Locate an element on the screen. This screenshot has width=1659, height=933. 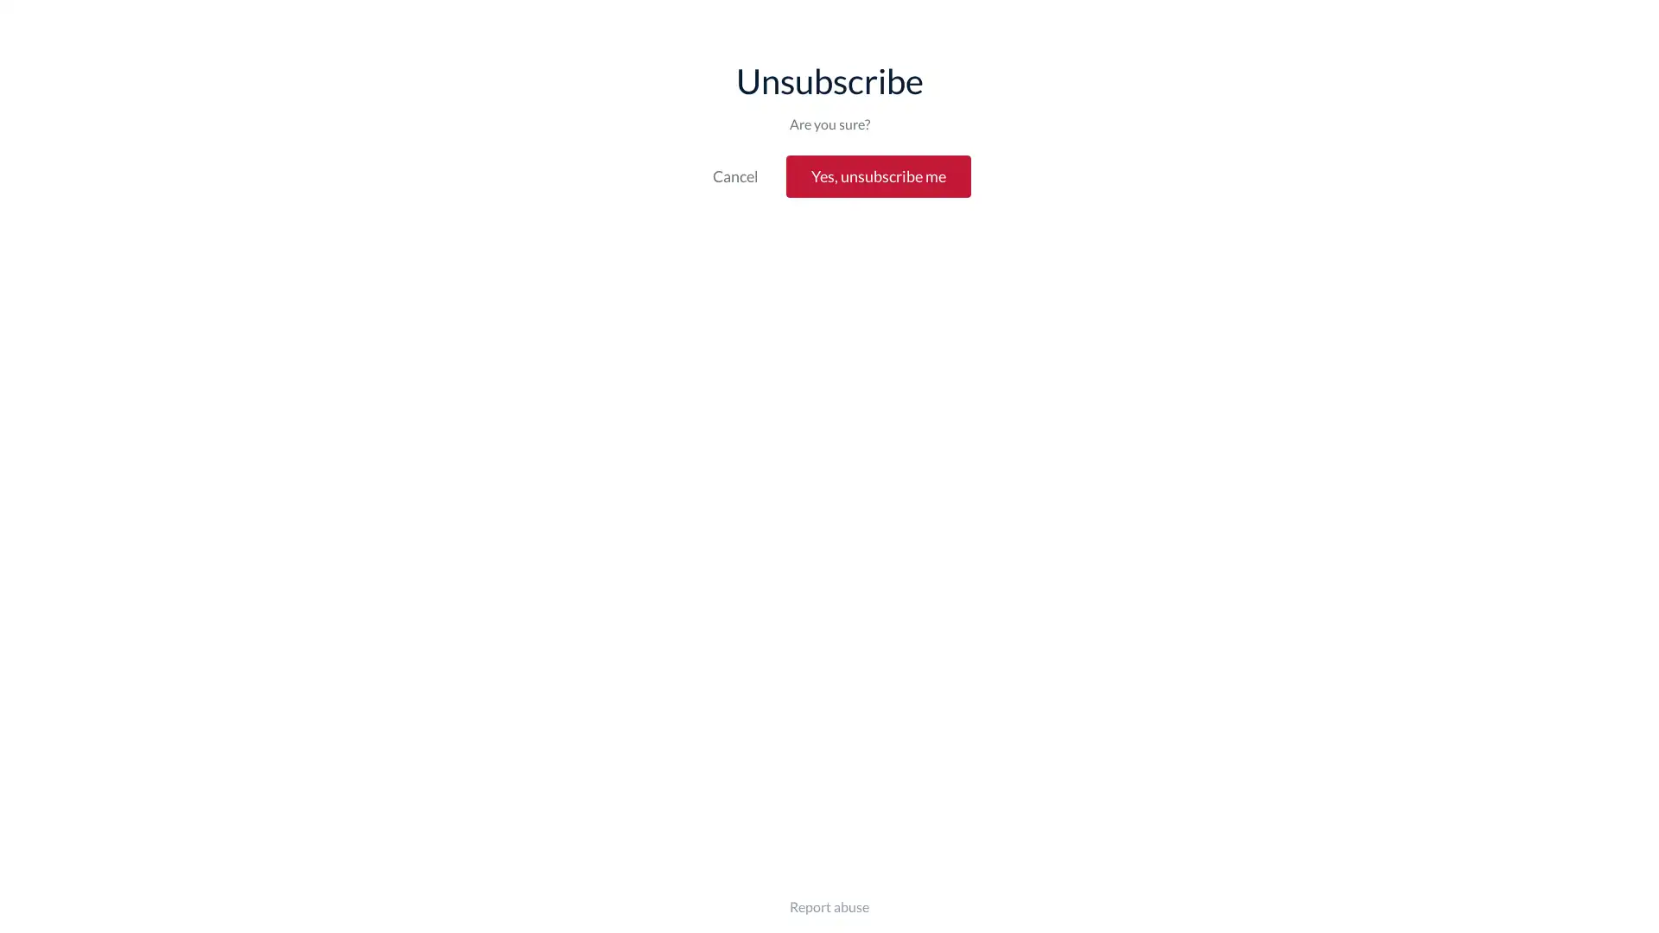
Yes, unsubscribe me is located at coordinates (879, 176).